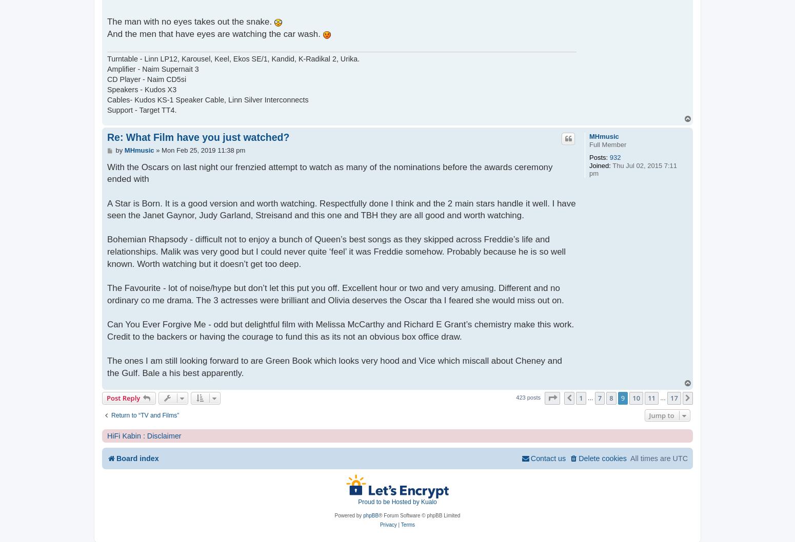 The width and height of the screenshot is (795, 542). Describe the element at coordinates (548, 458) in the screenshot. I see `'Contact us'` at that location.